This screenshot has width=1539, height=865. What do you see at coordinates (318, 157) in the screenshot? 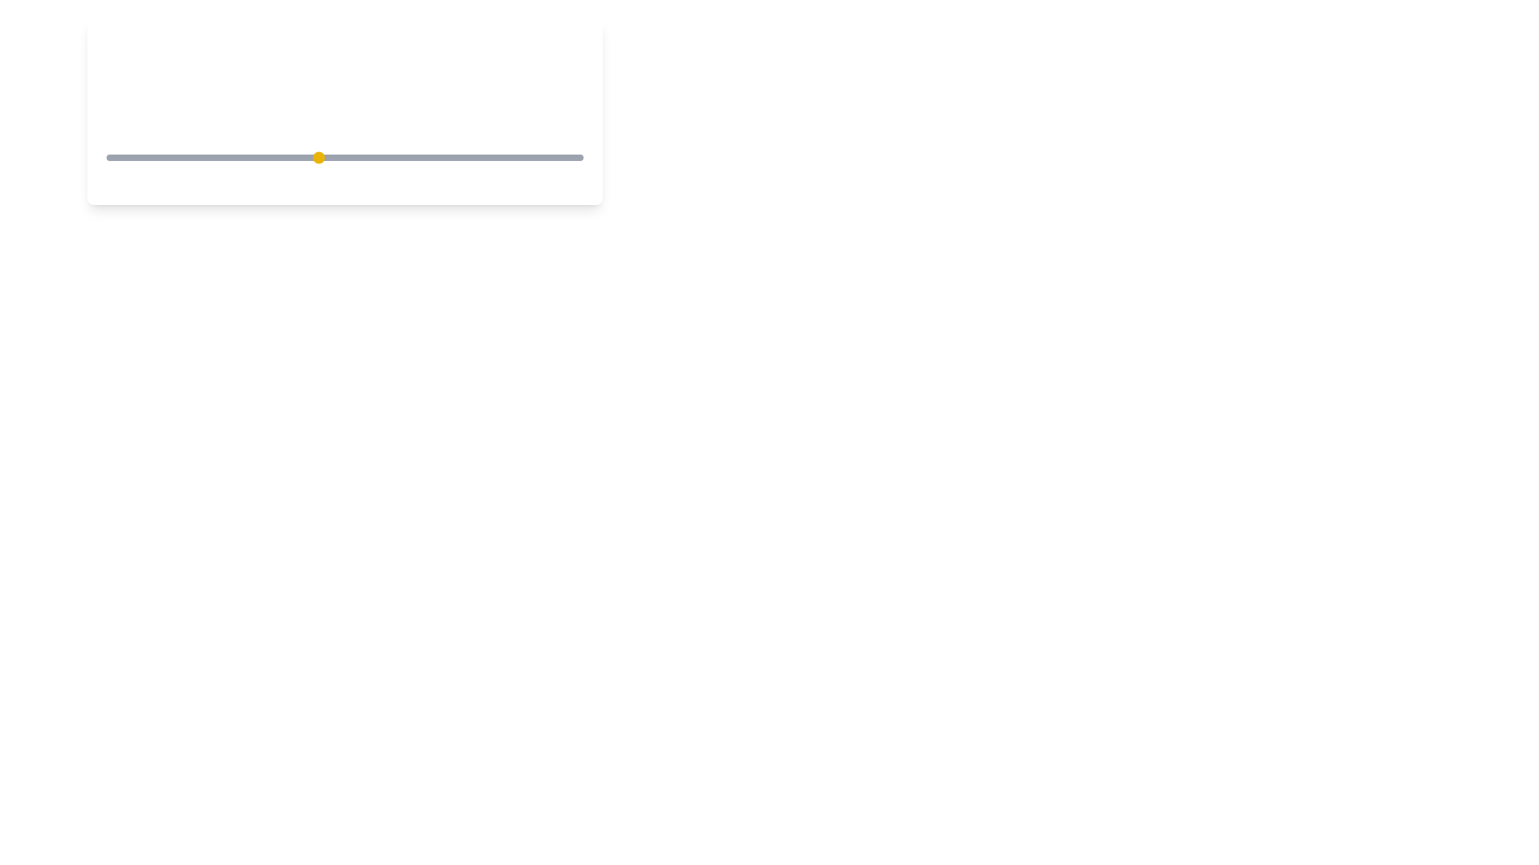
I see `the coffee strength to 5 by moving the slider` at bounding box center [318, 157].